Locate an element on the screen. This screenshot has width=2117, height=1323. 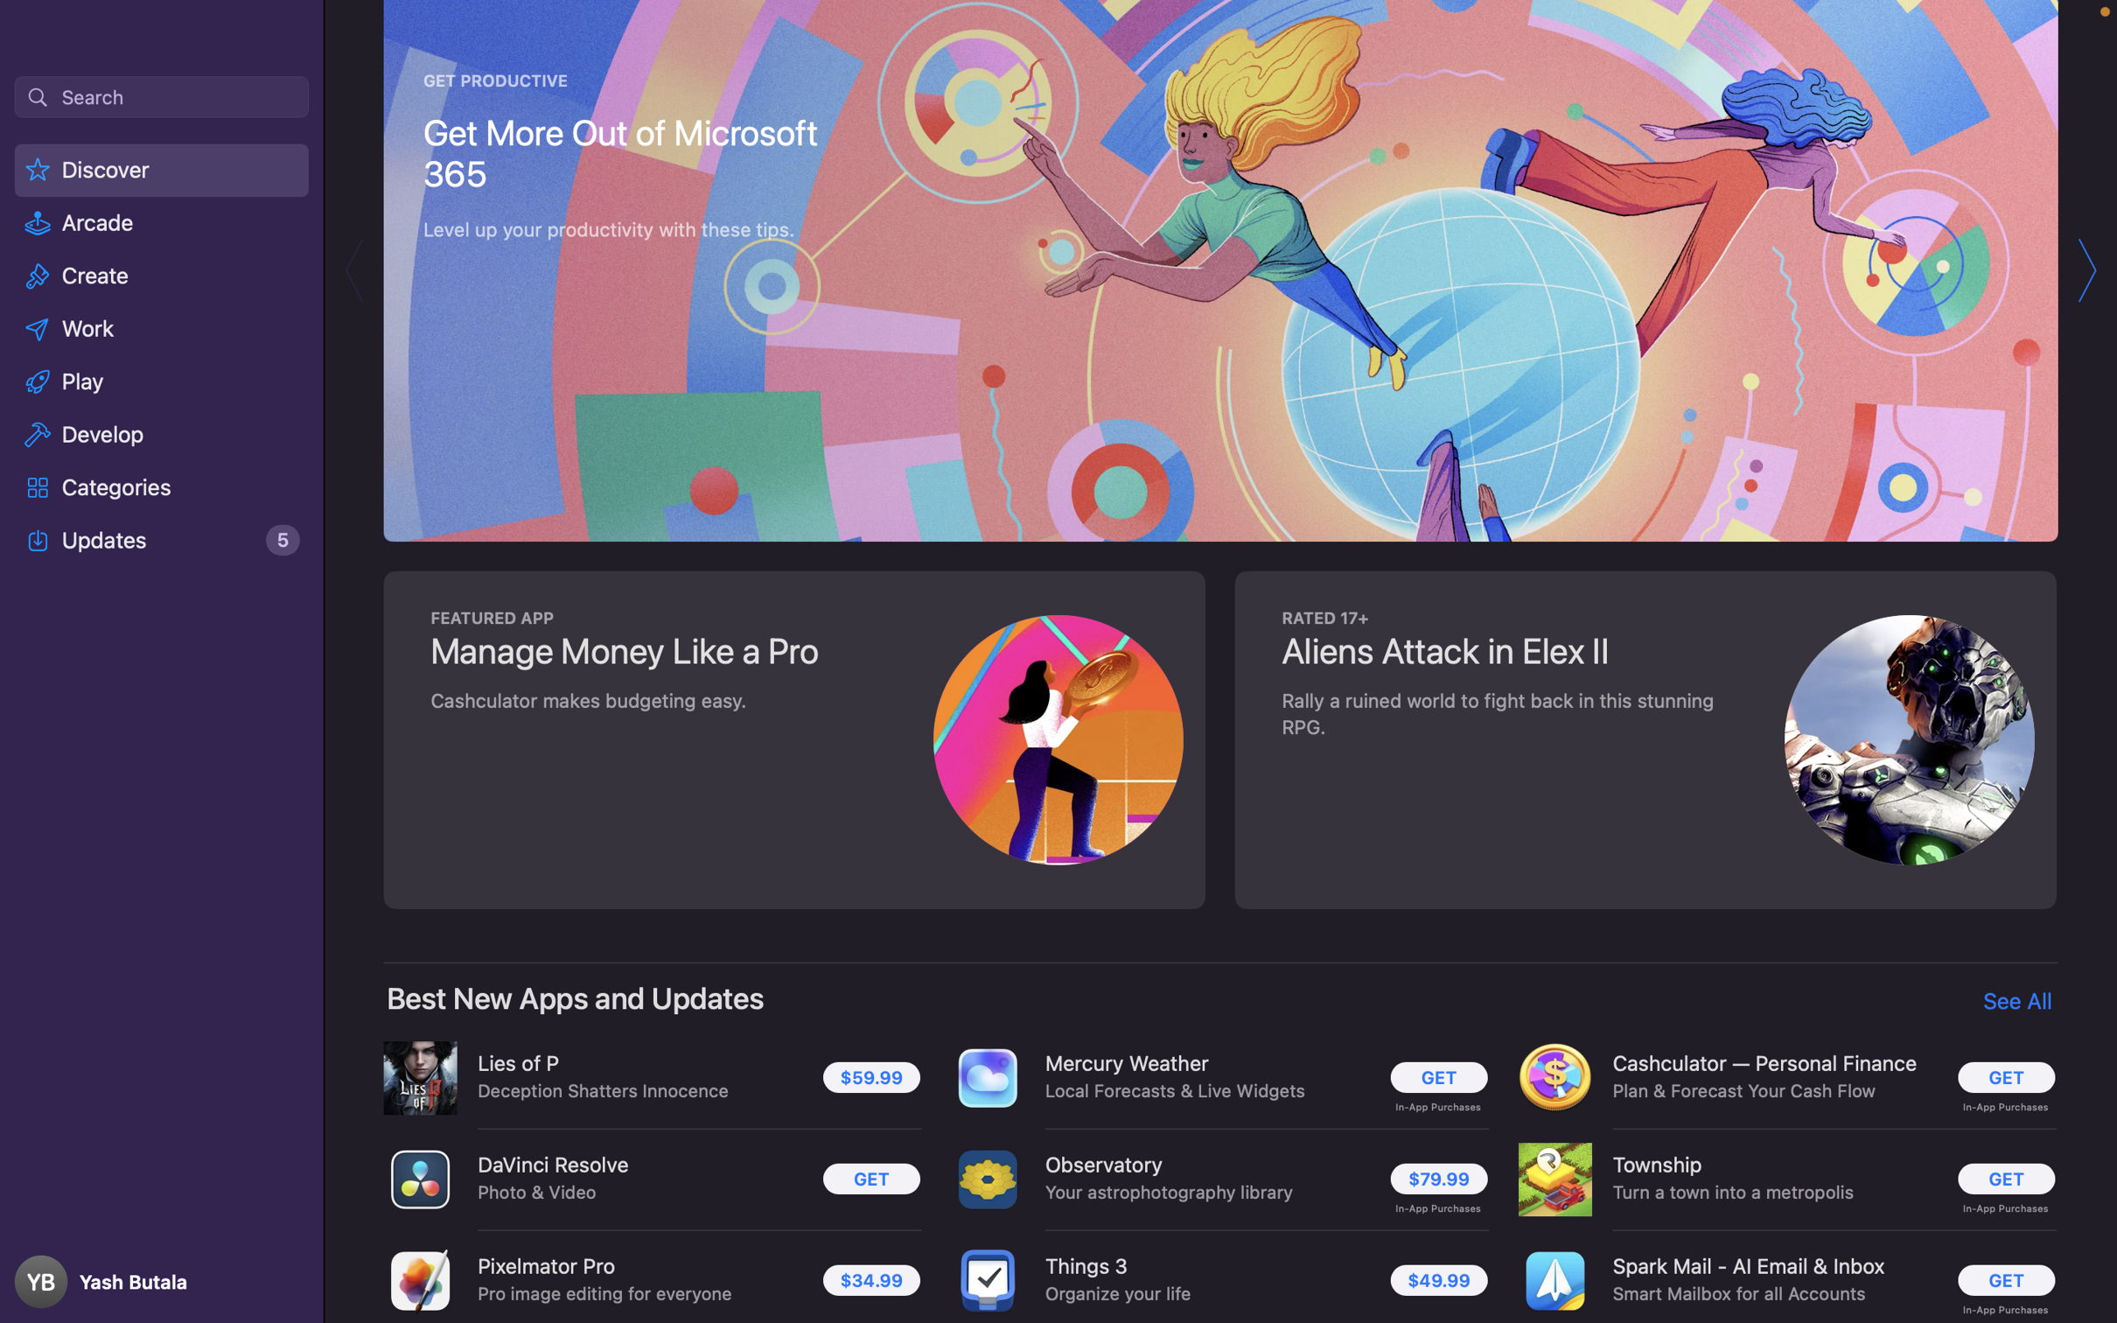
the "Create" feature is located at coordinates (162, 278).